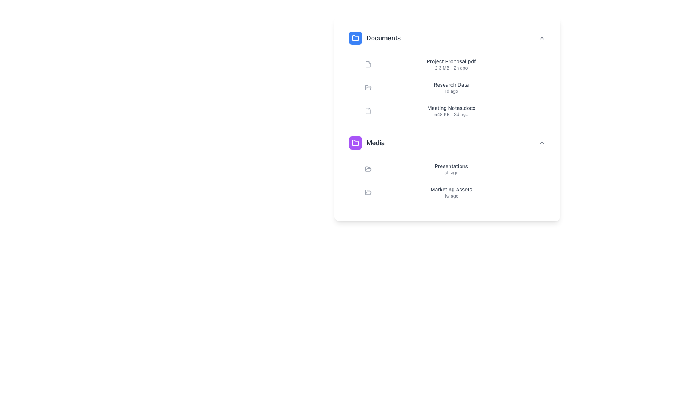 The image size is (698, 393). Describe the element at coordinates (368, 169) in the screenshot. I see `the open folder icon, which is the first element in the Media section, located to the left of the Presentations label` at that location.